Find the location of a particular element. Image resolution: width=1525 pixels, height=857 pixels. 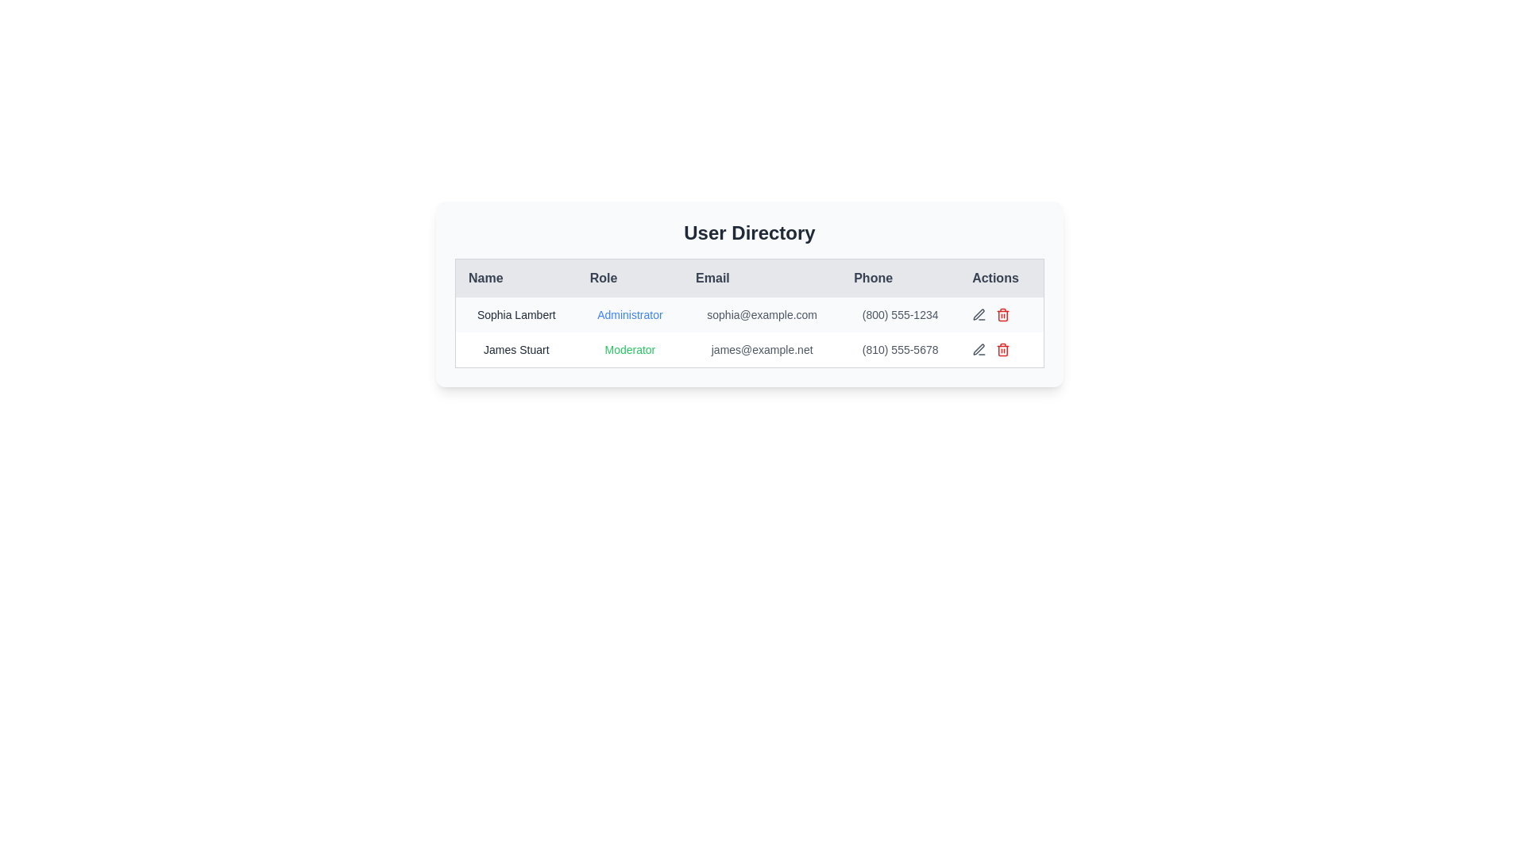

the red trash bin icon in the 'Actions' column corresponding to 'James Stuart' is located at coordinates (1001, 349).